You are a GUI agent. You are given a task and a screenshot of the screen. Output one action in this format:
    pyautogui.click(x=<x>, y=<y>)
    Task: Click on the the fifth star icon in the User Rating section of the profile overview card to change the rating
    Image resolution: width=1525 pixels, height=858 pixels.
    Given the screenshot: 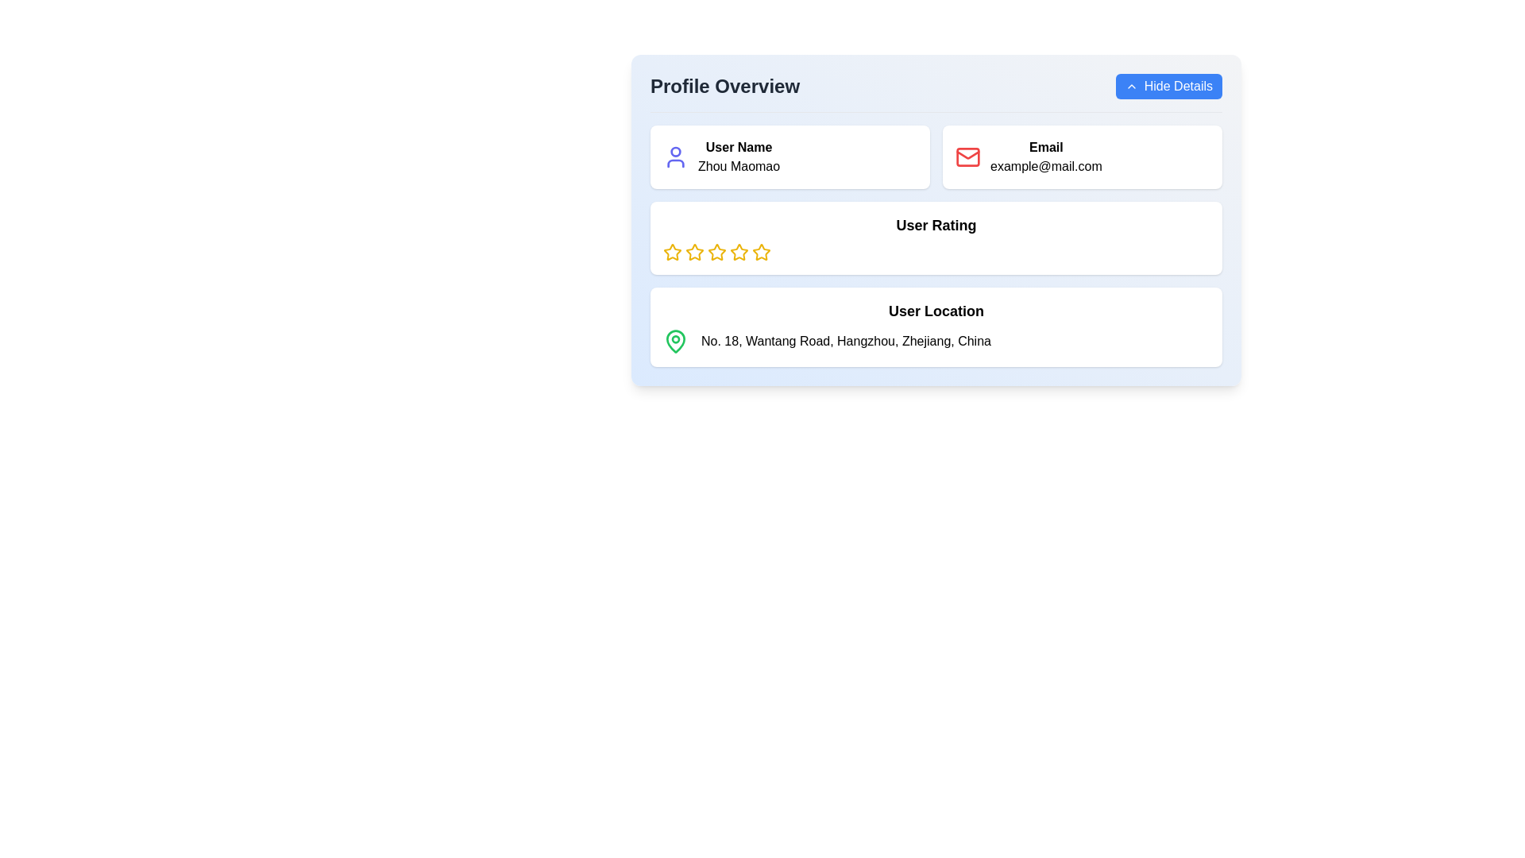 What is the action you would take?
    pyautogui.click(x=761, y=251)
    